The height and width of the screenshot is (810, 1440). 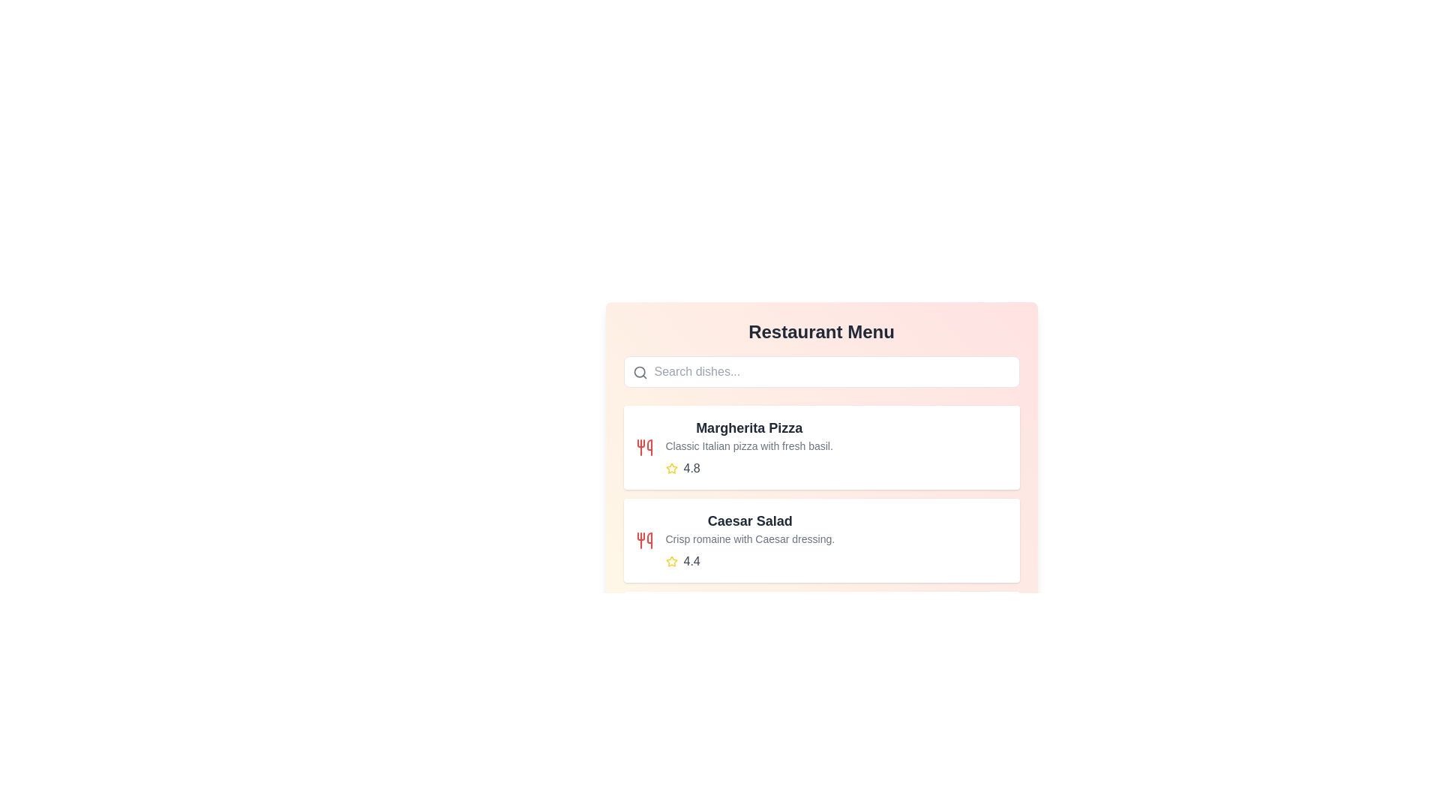 What do you see at coordinates (749, 427) in the screenshot?
I see `text label that serves as the title for the 'Margherita Pizza' menu item, which is positioned above the description and rating within its menu item card` at bounding box center [749, 427].